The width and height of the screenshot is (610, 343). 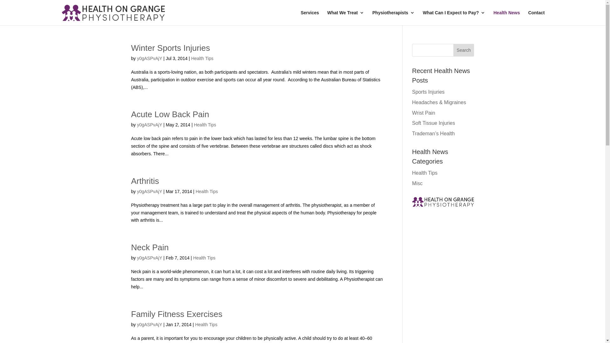 I want to click on 'Contact', so click(x=536, y=17).